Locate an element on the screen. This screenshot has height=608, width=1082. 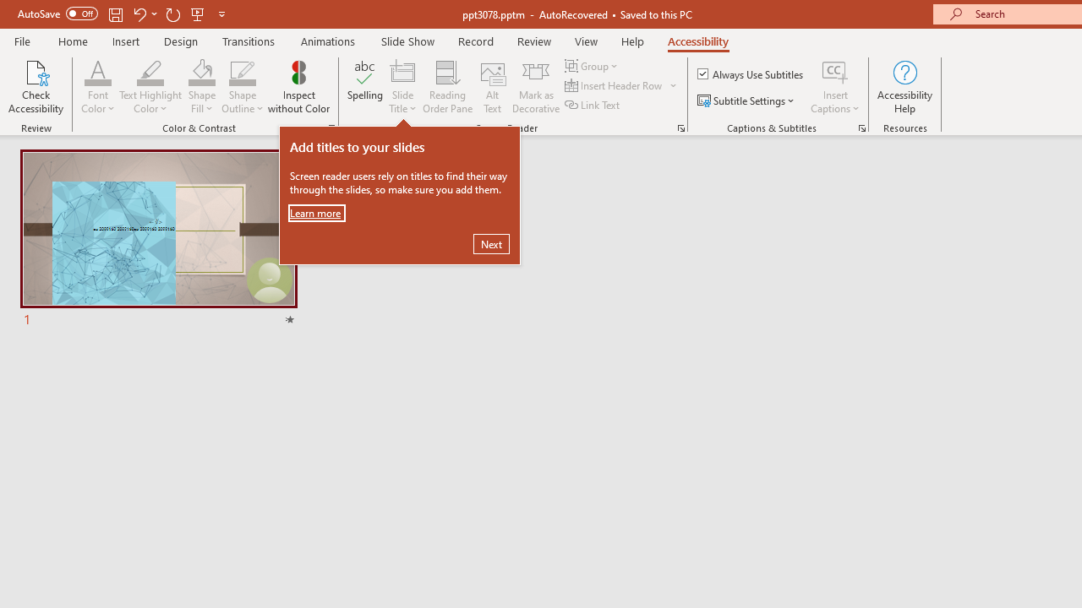
'Slide Title' is located at coordinates (402, 71).